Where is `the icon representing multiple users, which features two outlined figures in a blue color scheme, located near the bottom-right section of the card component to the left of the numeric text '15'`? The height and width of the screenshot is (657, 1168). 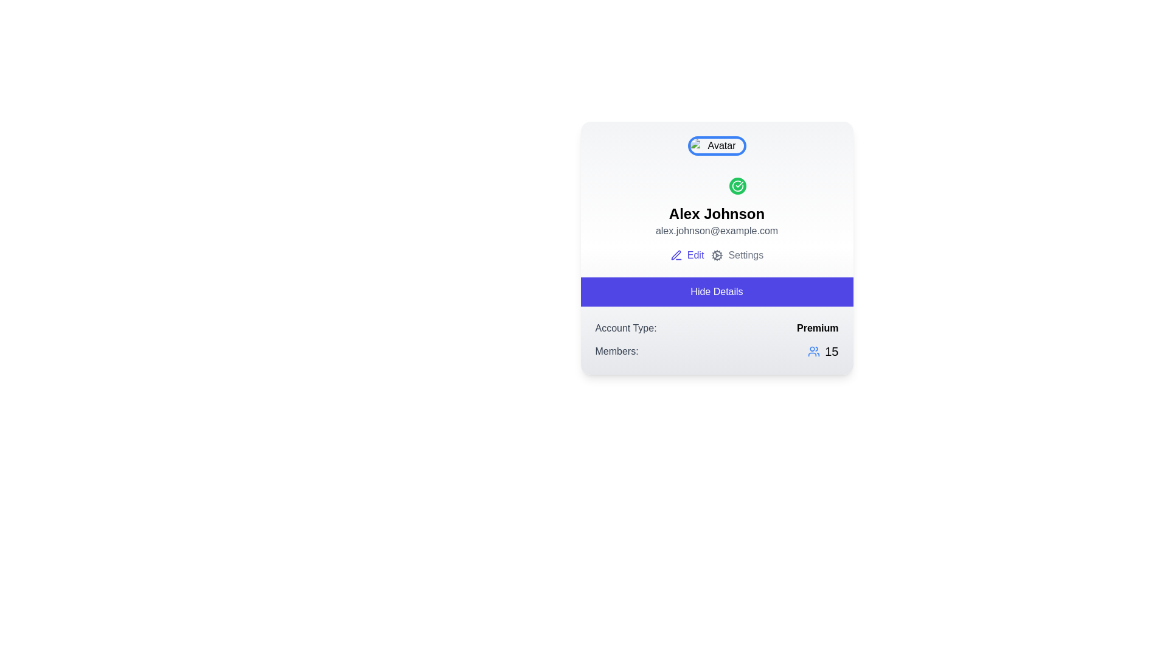
the icon representing multiple users, which features two outlined figures in a blue color scheme, located near the bottom-right section of the card component to the left of the numeric text '15' is located at coordinates (814, 352).